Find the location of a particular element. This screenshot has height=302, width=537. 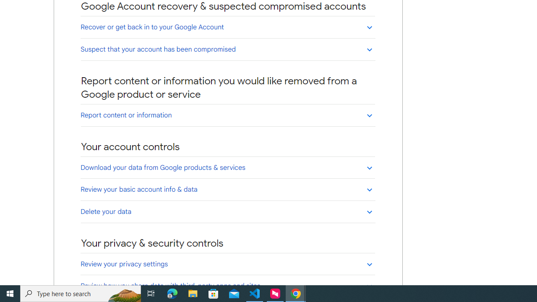

'Suspect that your account has been compromised' is located at coordinates (227, 49).